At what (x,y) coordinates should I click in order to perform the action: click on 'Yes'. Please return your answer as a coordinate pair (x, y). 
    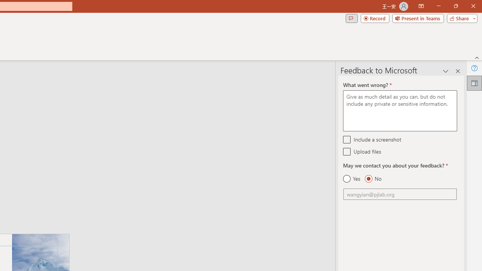
    Looking at the image, I should click on (351, 179).